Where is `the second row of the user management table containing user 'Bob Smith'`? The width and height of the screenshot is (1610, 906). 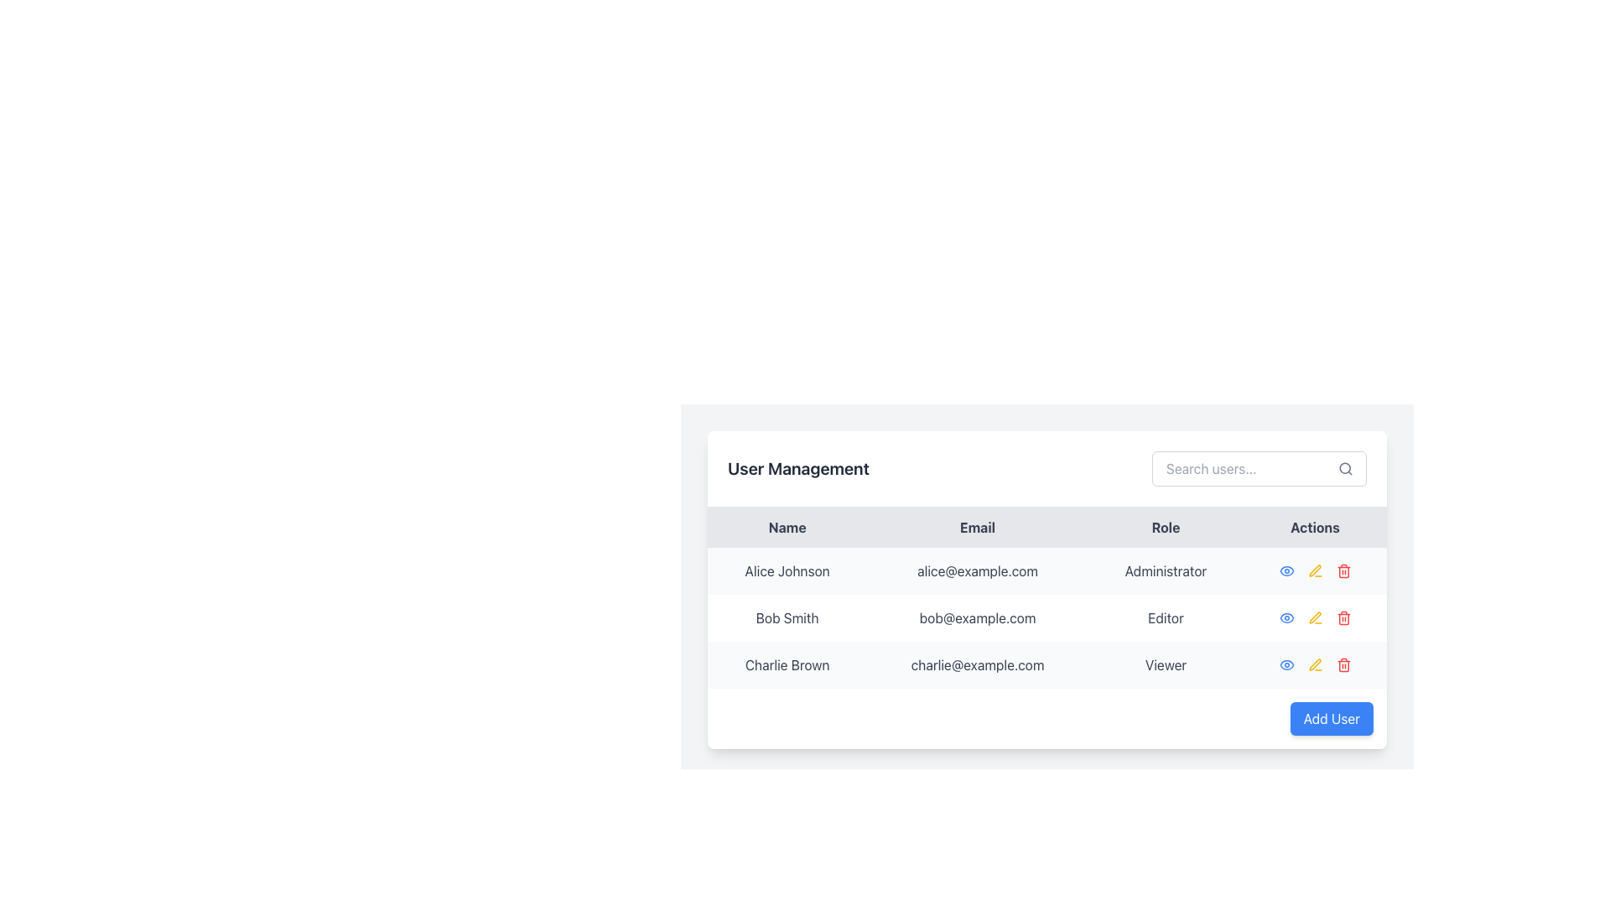 the second row of the user management table containing user 'Bob Smith' is located at coordinates (1046, 617).